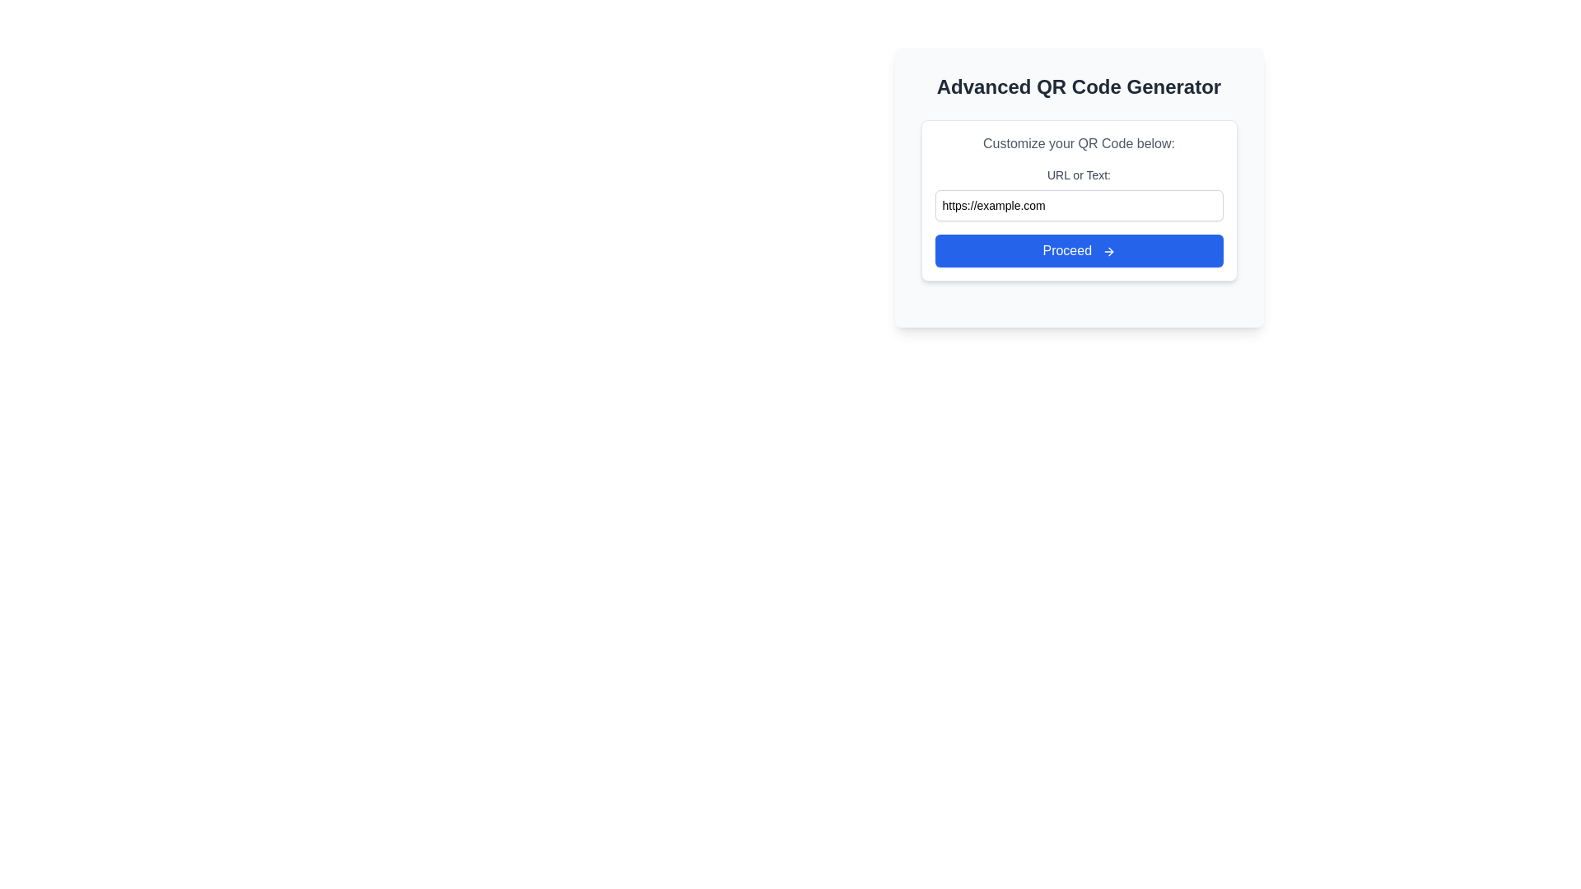 The width and height of the screenshot is (1581, 889). What do you see at coordinates (1079, 142) in the screenshot?
I see `the non-interactive Text label that guides users to customize their QR code, positioned at the top of a white card above the input field labeled 'URL or Text'` at bounding box center [1079, 142].